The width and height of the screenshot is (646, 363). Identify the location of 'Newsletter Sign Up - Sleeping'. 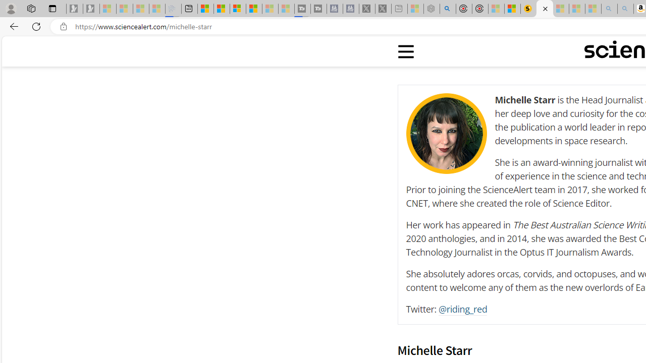
(91, 9).